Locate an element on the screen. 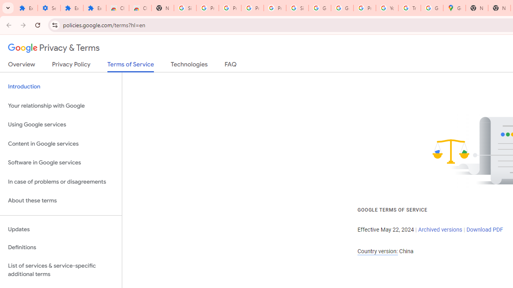 The image size is (513, 288). 'Settings' is located at coordinates (48, 8).